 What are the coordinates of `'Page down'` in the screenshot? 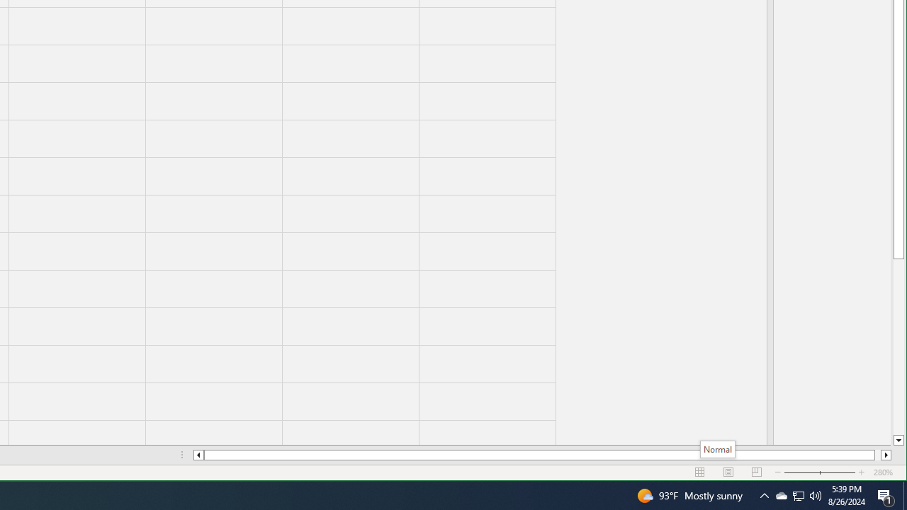 It's located at (898, 346).